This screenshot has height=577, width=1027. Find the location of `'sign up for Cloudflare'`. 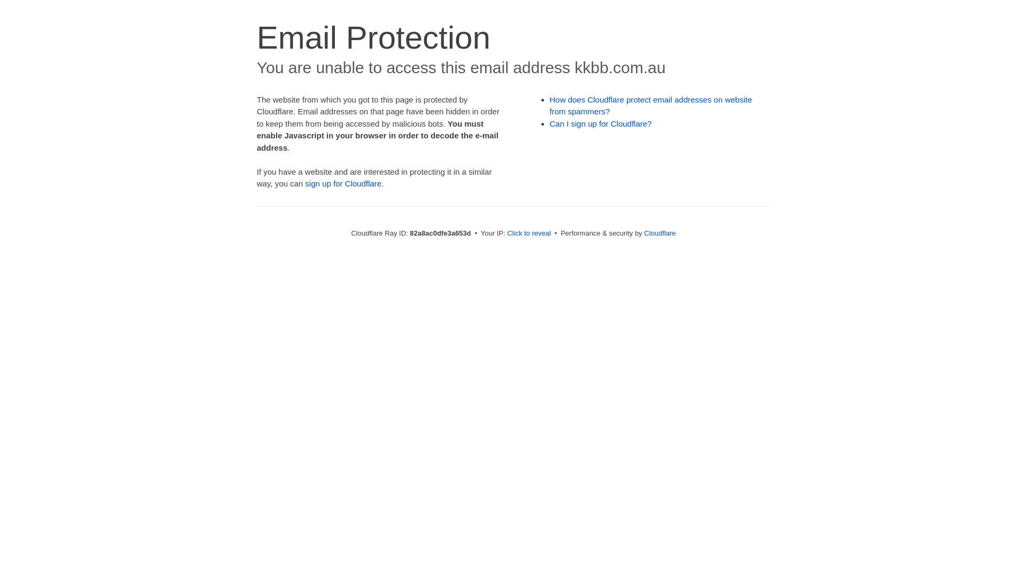

'sign up for Cloudflare' is located at coordinates (305, 183).